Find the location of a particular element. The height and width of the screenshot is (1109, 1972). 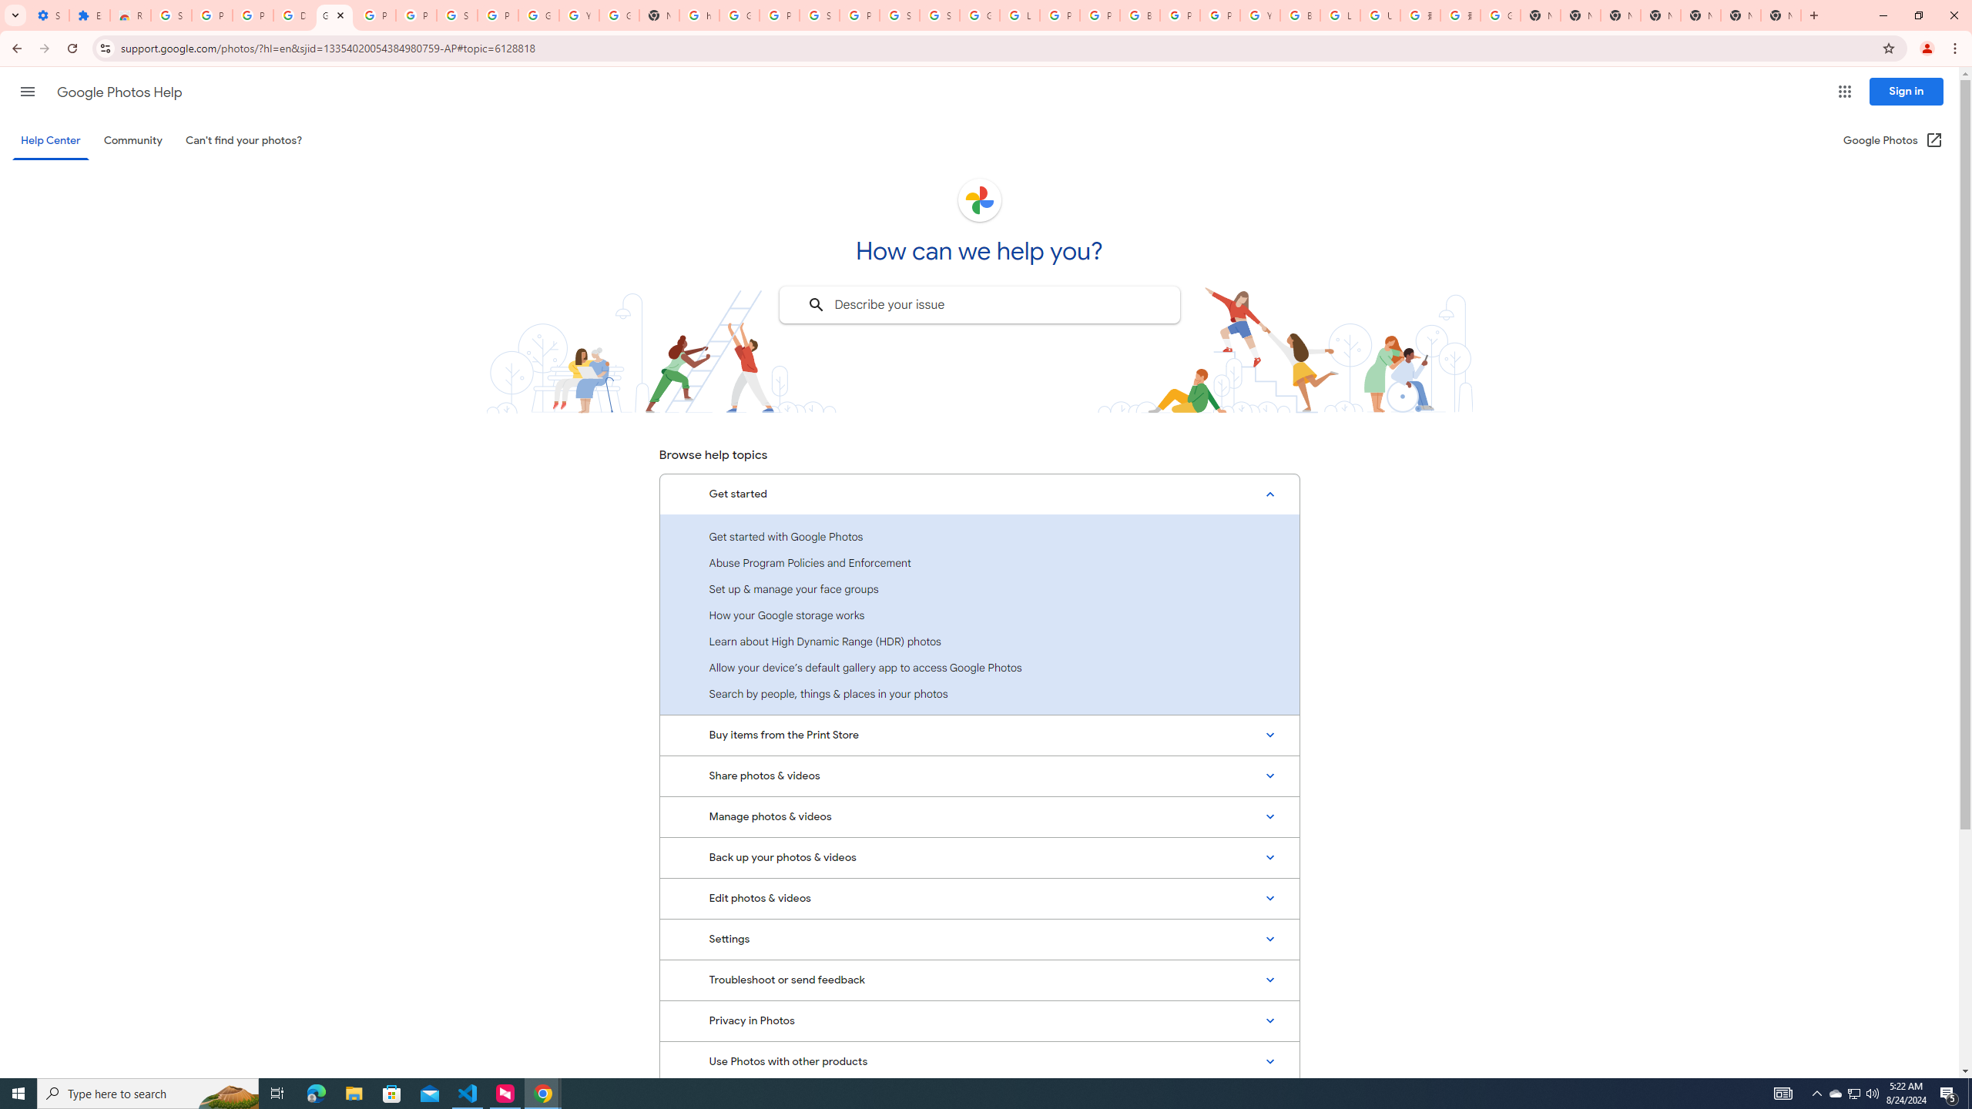

'Sign in - Google Accounts' is located at coordinates (899, 15).